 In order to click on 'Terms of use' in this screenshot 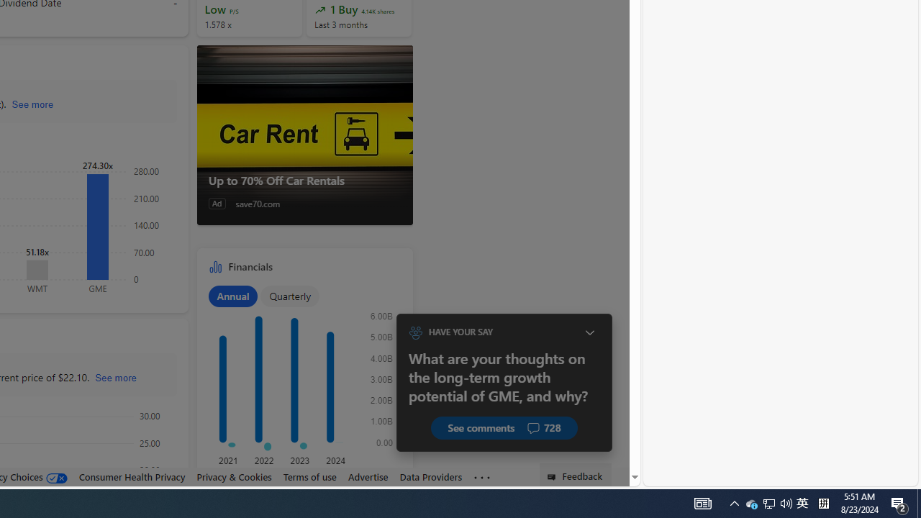, I will do `click(309, 476)`.